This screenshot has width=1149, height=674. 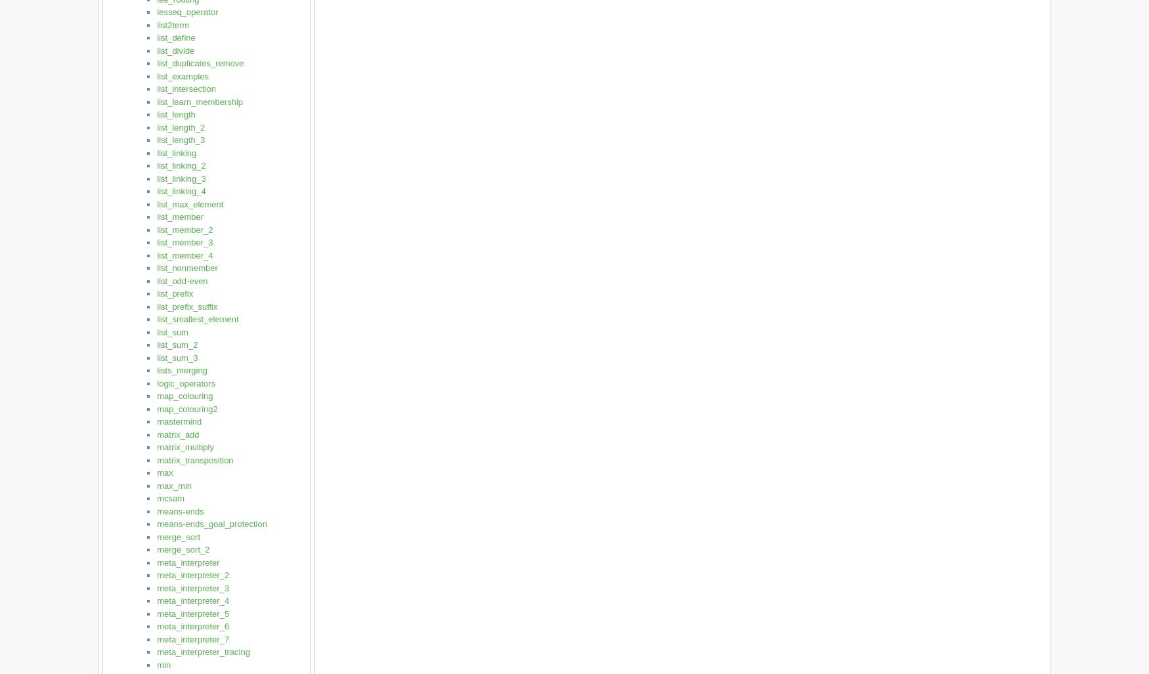 What do you see at coordinates (170, 497) in the screenshot?
I see `'mcsam'` at bounding box center [170, 497].